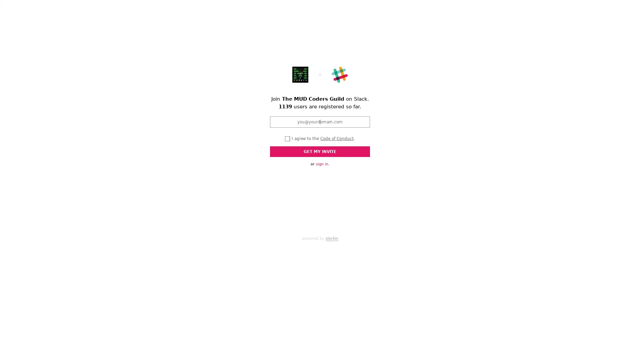 This screenshot has width=640, height=360. What do you see at coordinates (320, 152) in the screenshot?
I see `GET MY INVITE` at bounding box center [320, 152].